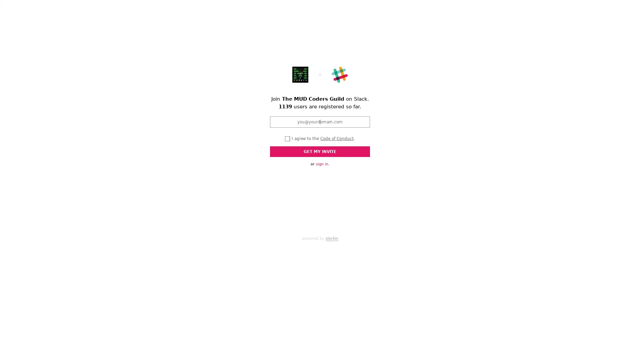 This screenshot has width=640, height=360. What do you see at coordinates (320, 152) in the screenshot?
I see `GET MY INVITE` at bounding box center [320, 152].